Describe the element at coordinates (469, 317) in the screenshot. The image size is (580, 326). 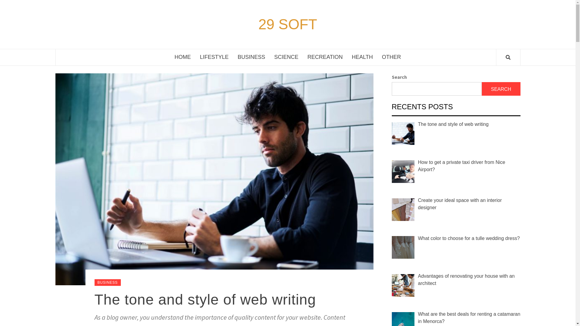
I see `'What are the best deals for renting a catamaran in Menorca?'` at that location.